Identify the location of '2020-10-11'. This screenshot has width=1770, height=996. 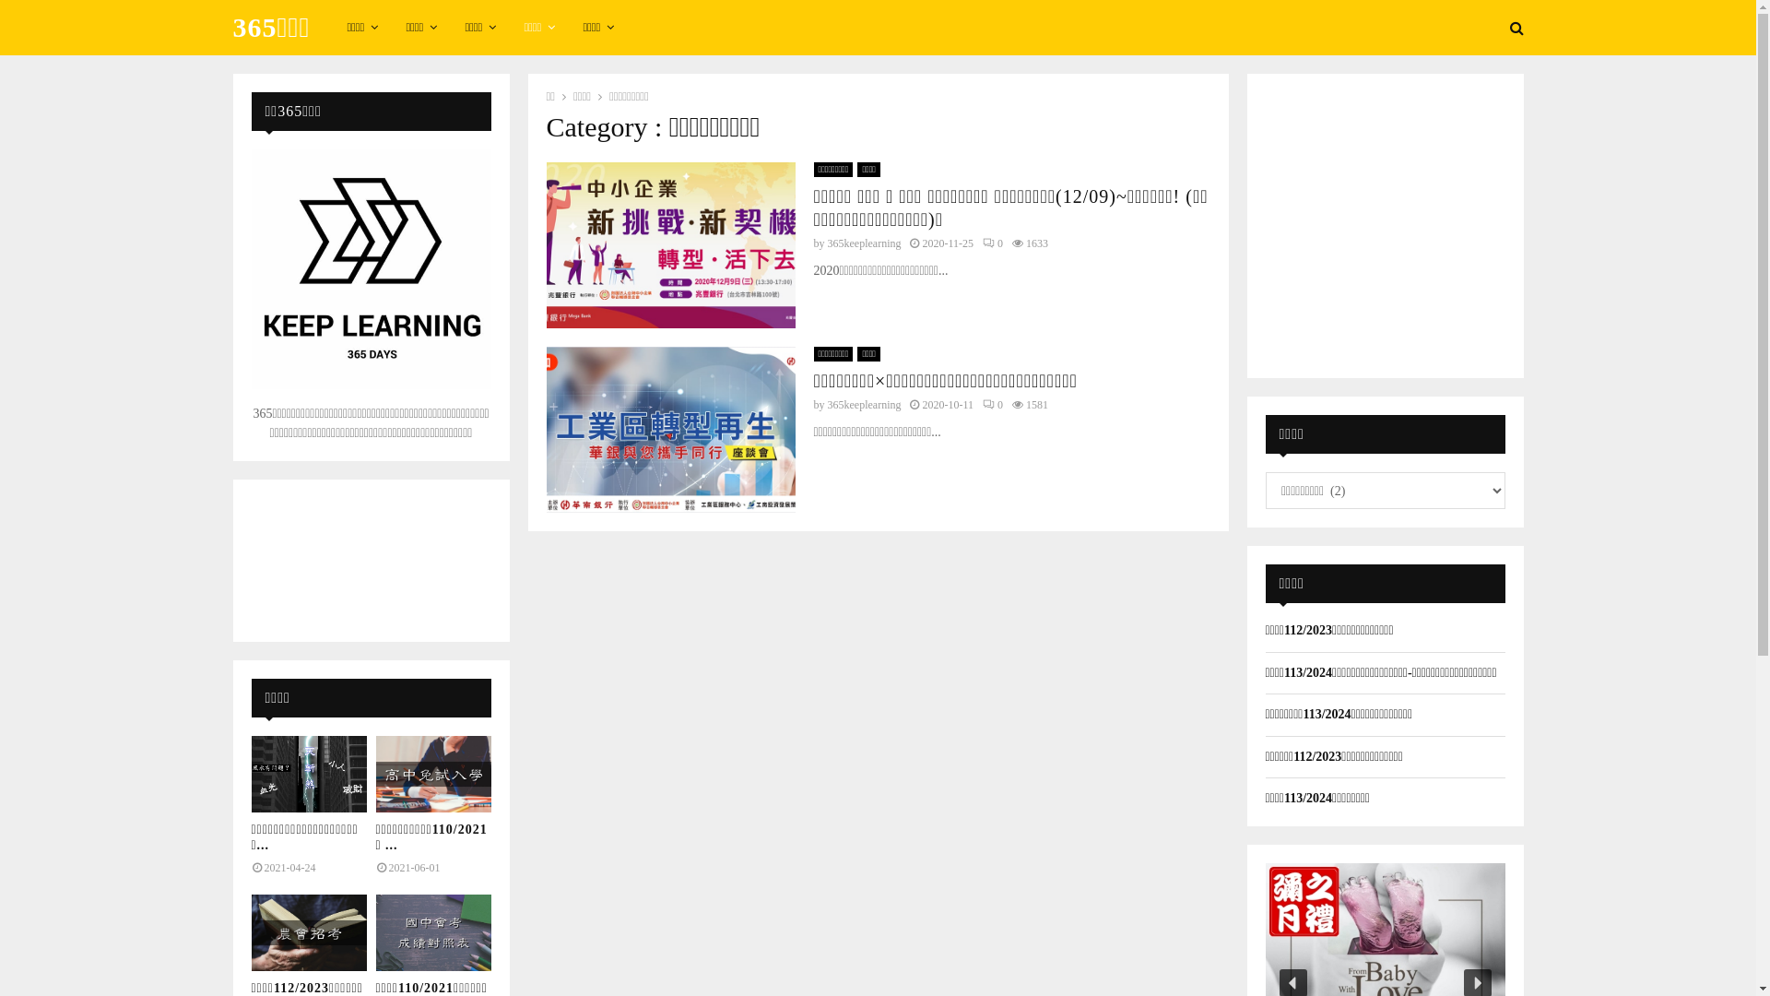
(947, 404).